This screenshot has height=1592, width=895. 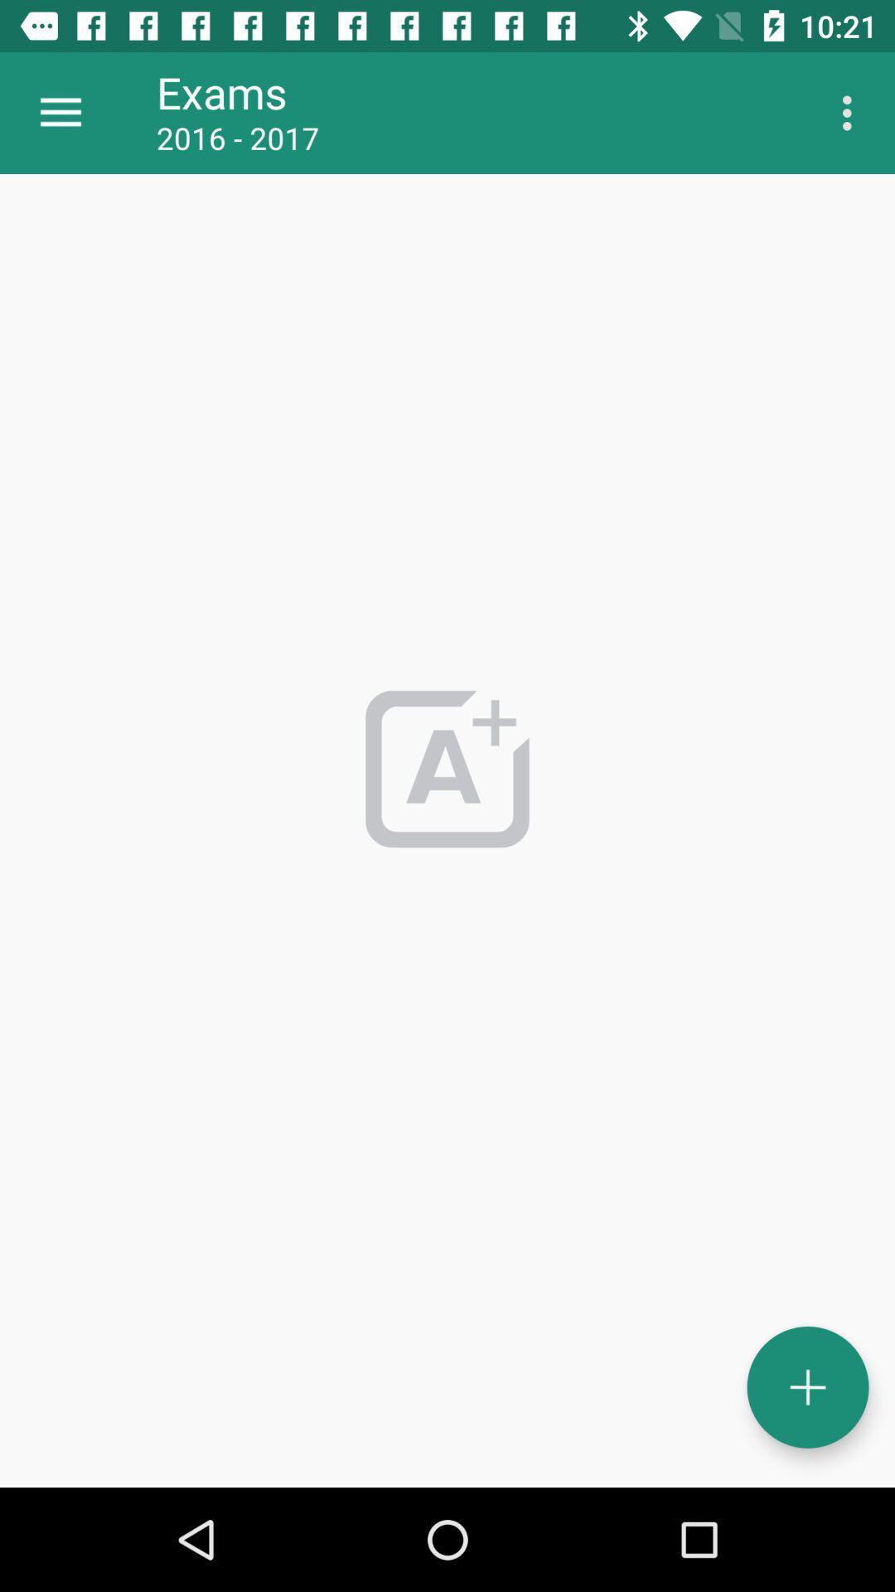 I want to click on the add icon, so click(x=807, y=1387).